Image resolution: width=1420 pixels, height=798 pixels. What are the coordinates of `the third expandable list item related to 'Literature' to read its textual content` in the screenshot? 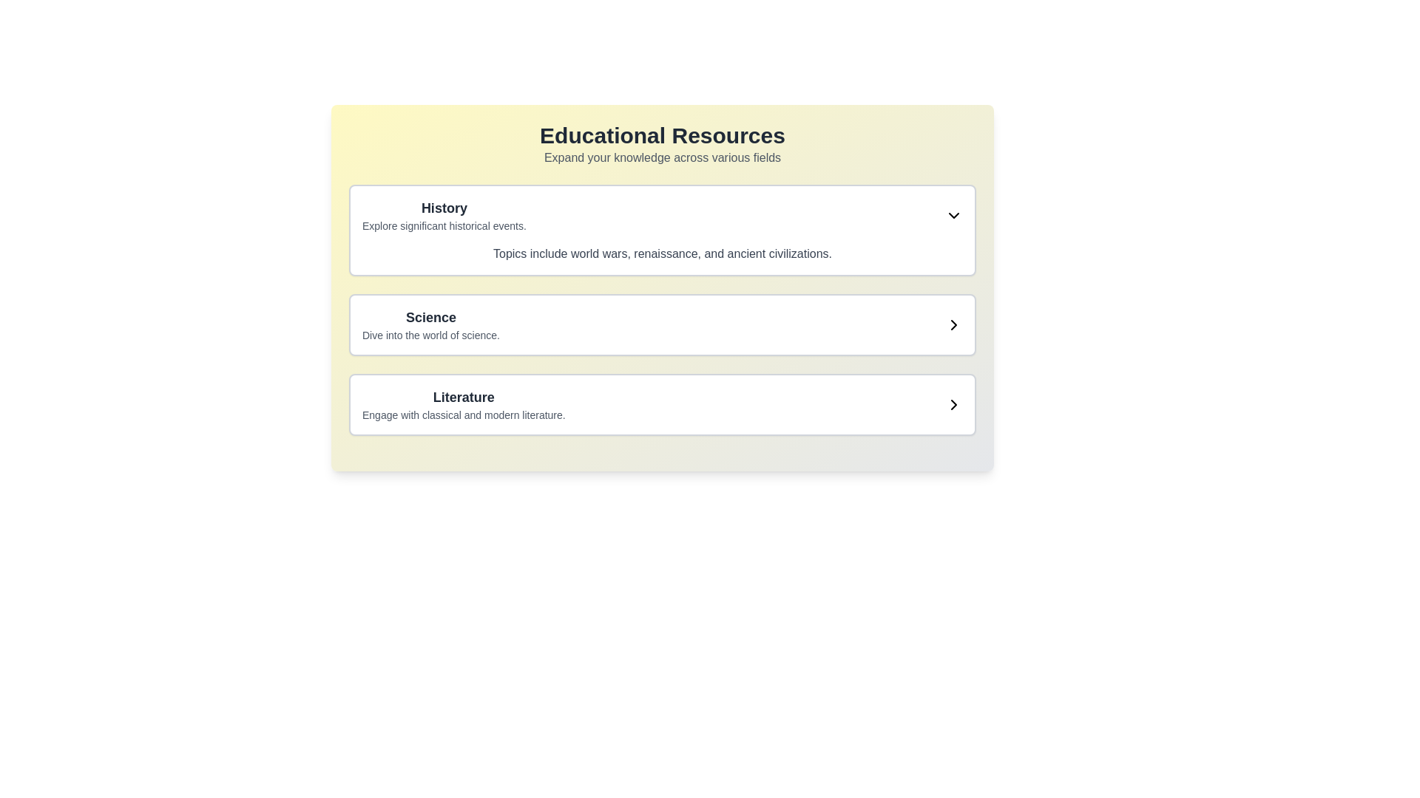 It's located at (662, 404).